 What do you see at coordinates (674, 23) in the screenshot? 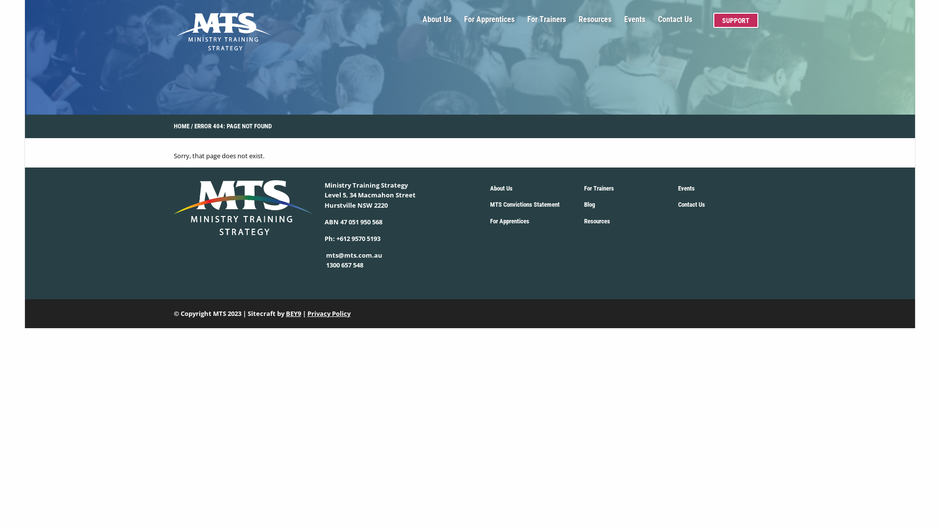
I see `'Contact Us'` at bounding box center [674, 23].